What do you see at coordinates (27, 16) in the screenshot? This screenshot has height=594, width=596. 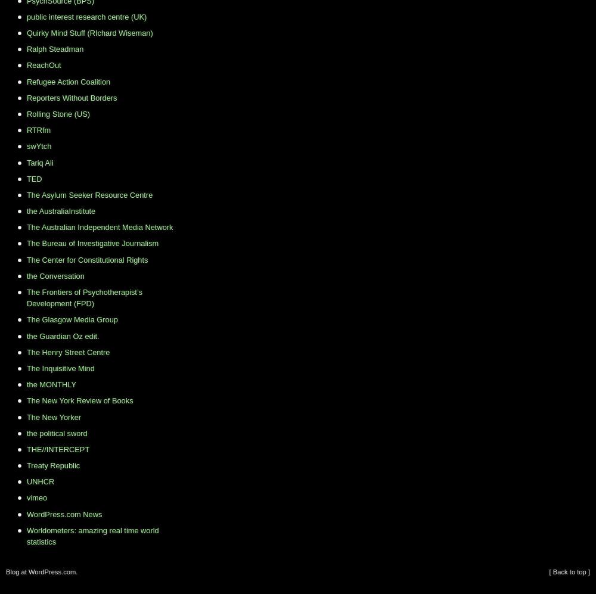 I see `'public interest research centre (UK)'` at bounding box center [27, 16].